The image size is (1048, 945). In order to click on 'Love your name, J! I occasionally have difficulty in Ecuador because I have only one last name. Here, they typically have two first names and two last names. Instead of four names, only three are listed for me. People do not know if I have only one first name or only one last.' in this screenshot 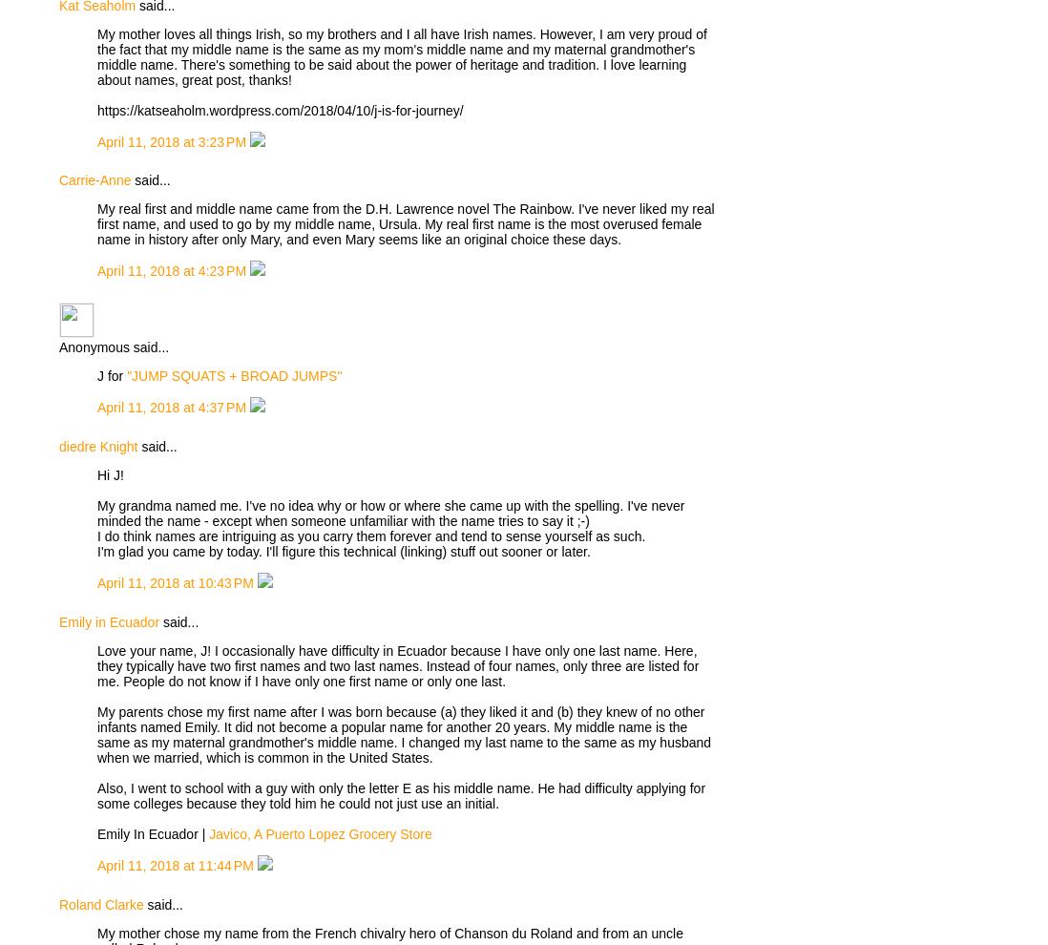, I will do `click(97, 663)`.